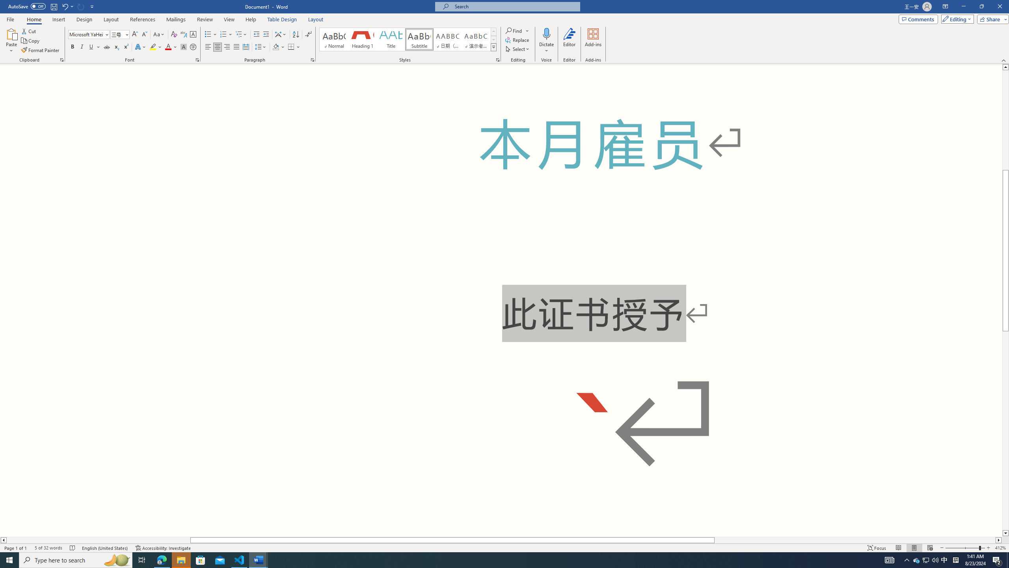 This screenshot has height=568, width=1009. Describe the element at coordinates (315, 19) in the screenshot. I see `'Layout'` at that location.